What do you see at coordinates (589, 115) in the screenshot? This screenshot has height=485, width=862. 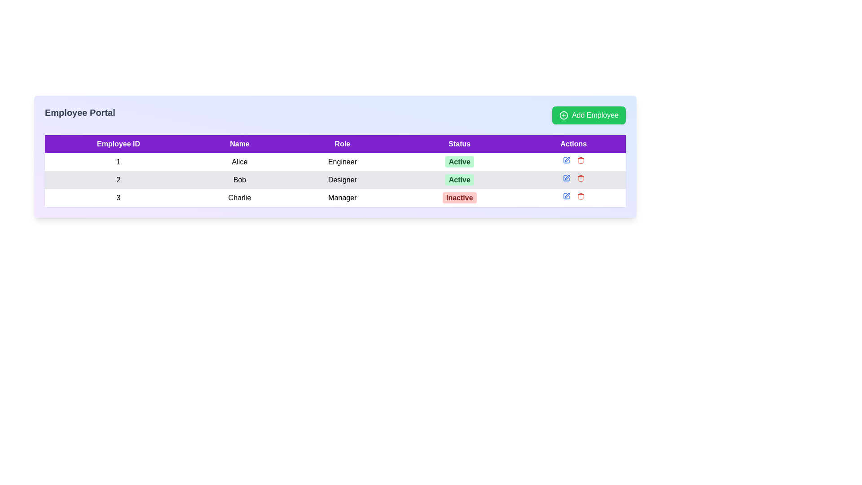 I see `the 'Add Employee' button located on the right side of the header section, aligned with the title 'Employee Portal', to initiate the action for adding an employee` at bounding box center [589, 115].